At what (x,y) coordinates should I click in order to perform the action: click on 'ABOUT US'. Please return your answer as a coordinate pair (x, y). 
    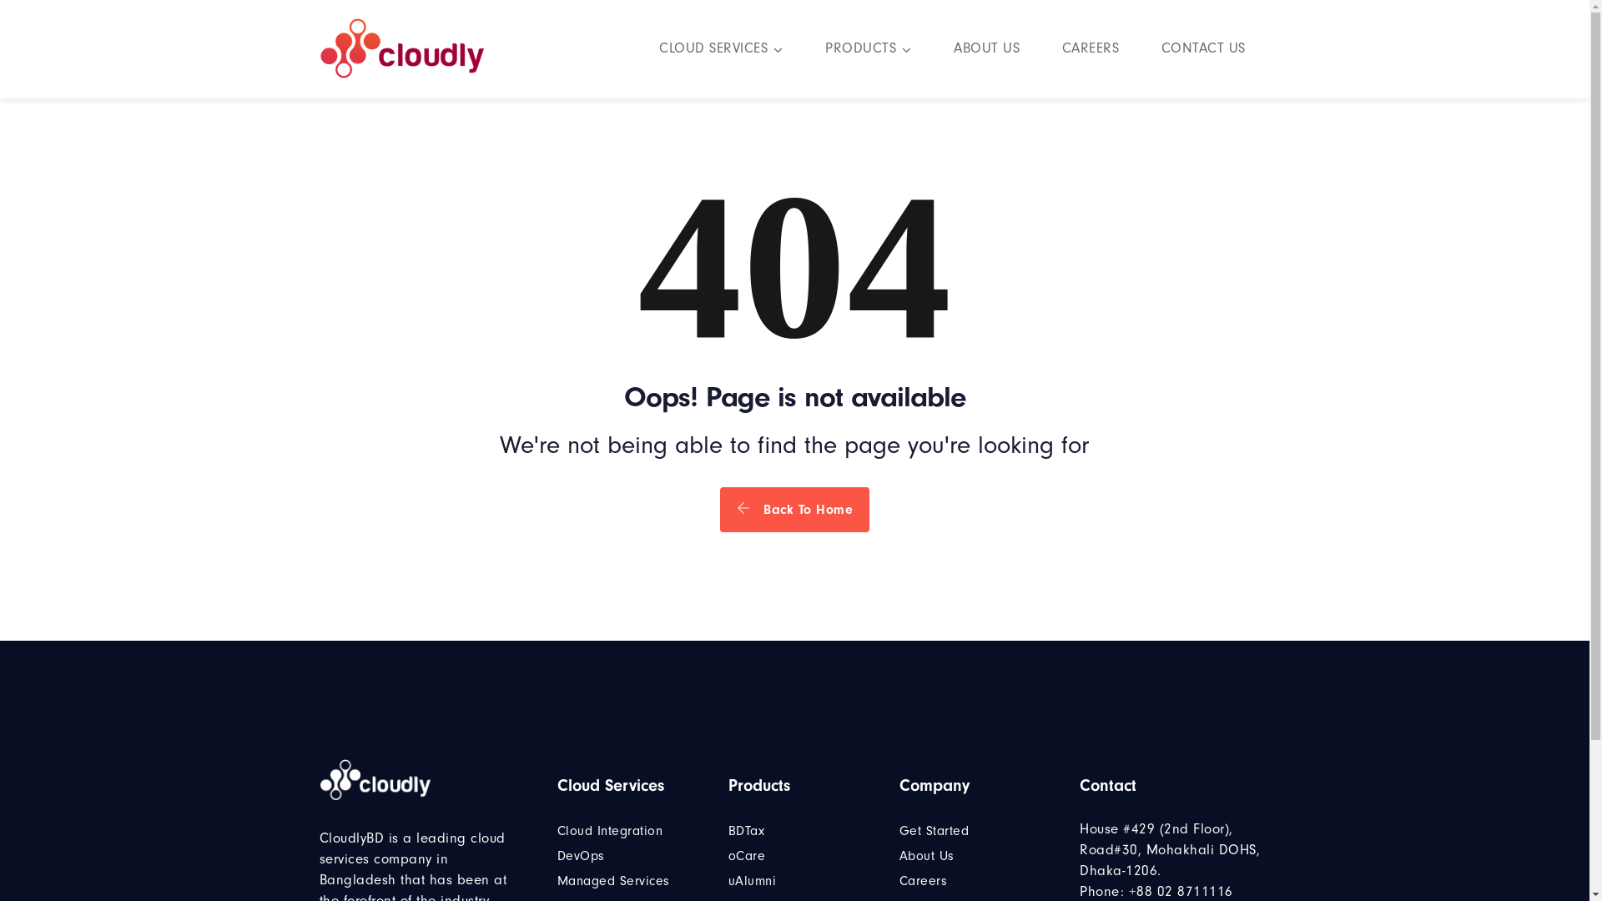
    Looking at the image, I should click on (986, 49).